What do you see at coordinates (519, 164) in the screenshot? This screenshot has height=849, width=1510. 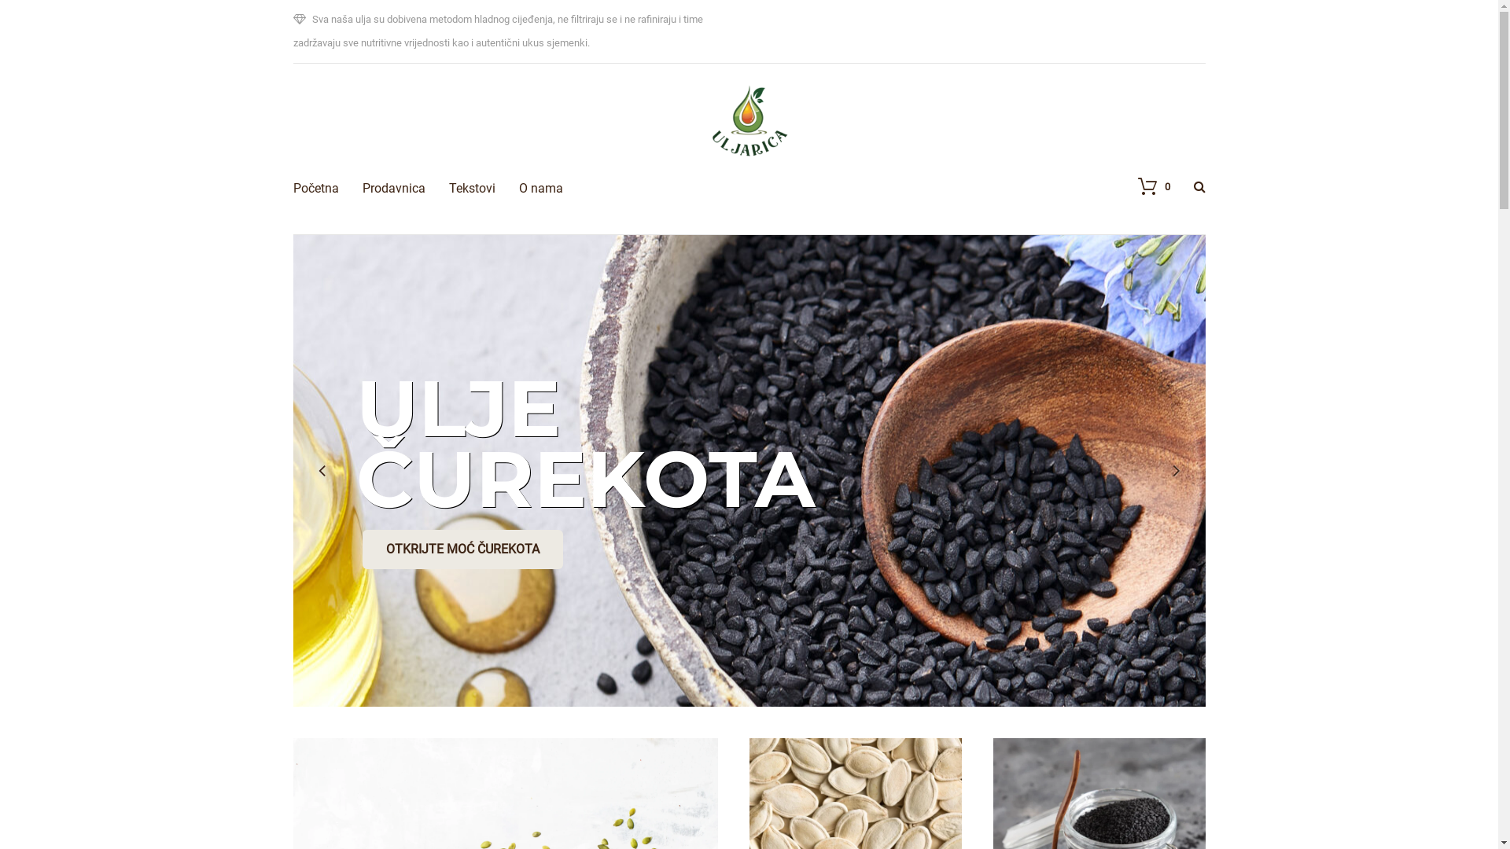 I see `'O nama'` at bounding box center [519, 164].